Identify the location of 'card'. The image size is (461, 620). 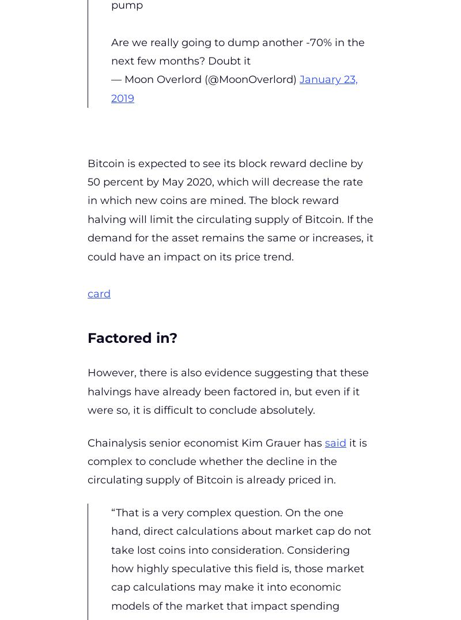
(99, 294).